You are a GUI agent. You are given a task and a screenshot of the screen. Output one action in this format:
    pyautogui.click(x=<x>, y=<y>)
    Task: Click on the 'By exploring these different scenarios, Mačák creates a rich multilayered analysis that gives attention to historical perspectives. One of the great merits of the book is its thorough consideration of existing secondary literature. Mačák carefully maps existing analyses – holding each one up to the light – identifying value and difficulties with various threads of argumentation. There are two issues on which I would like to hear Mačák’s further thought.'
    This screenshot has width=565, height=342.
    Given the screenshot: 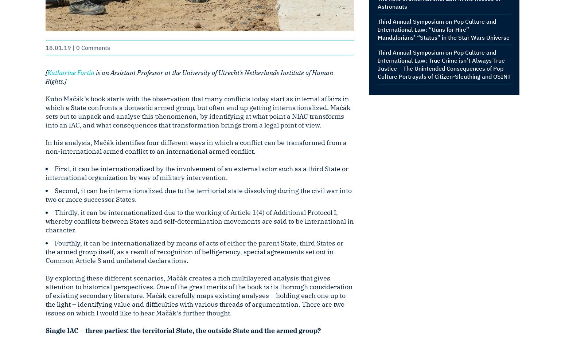 What is the action you would take?
    pyautogui.click(x=199, y=295)
    